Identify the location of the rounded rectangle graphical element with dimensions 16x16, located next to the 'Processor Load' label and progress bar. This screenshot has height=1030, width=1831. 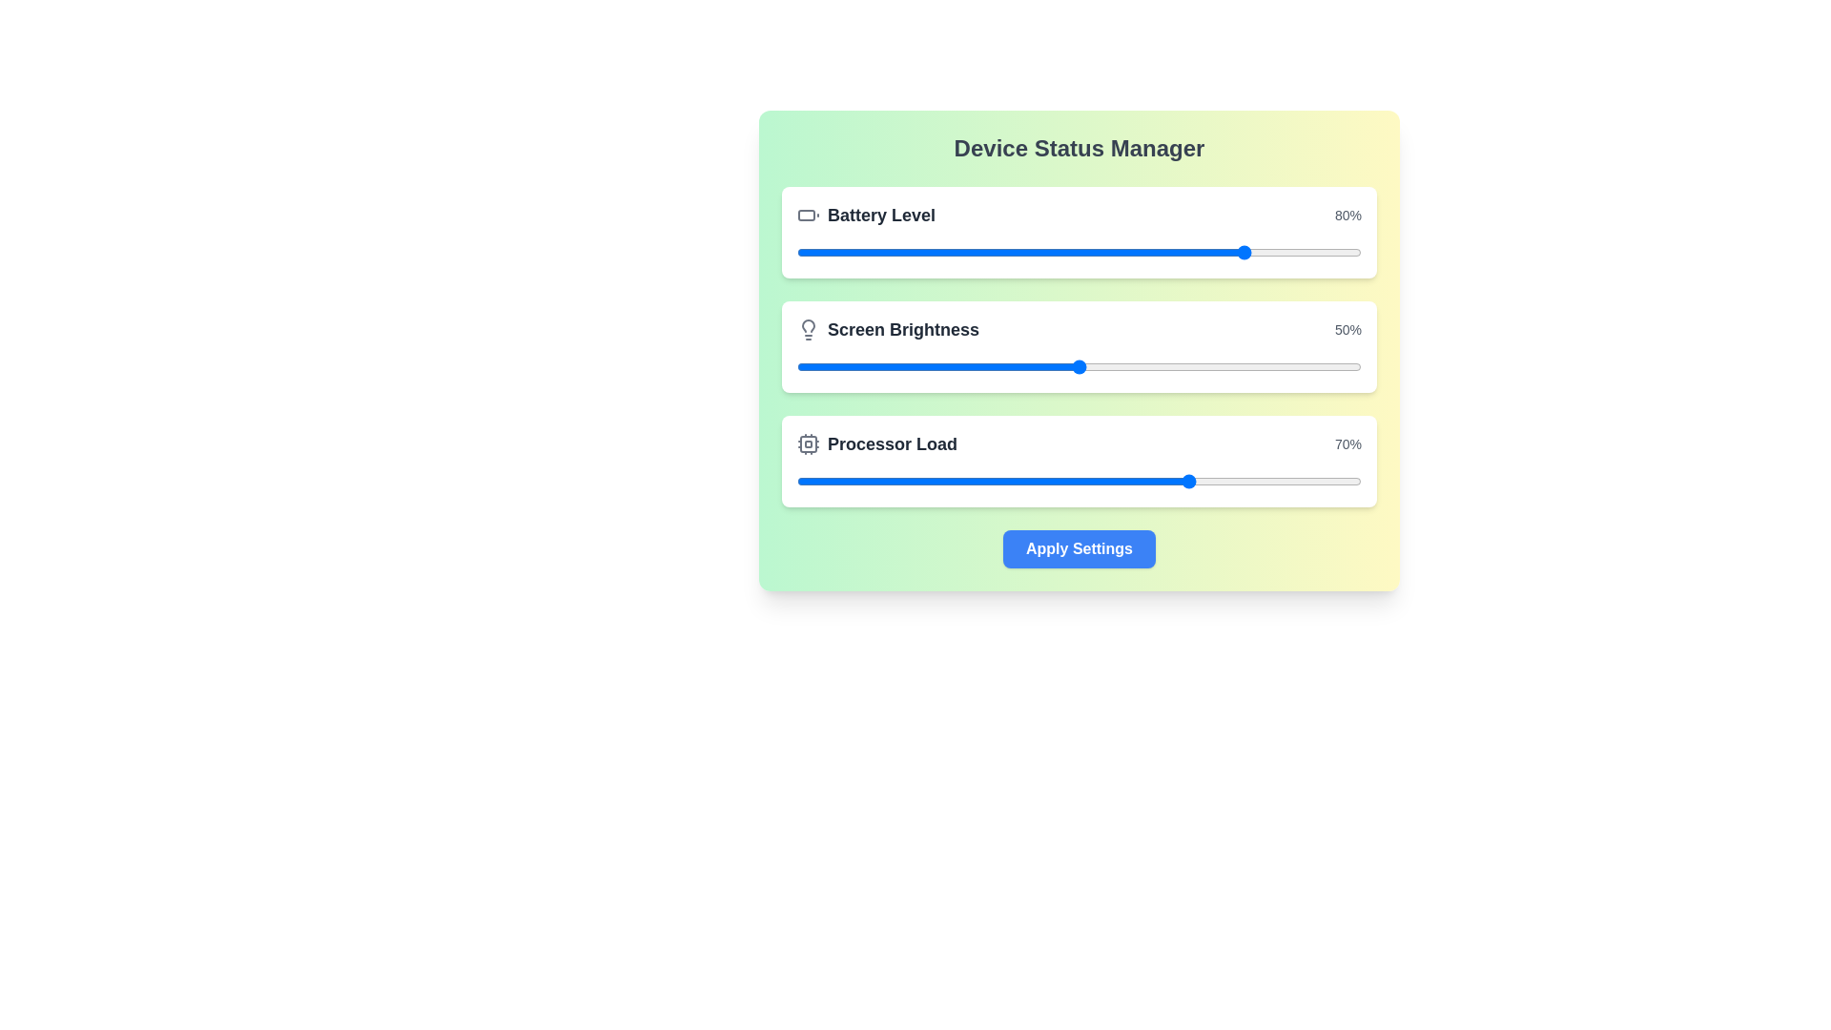
(809, 444).